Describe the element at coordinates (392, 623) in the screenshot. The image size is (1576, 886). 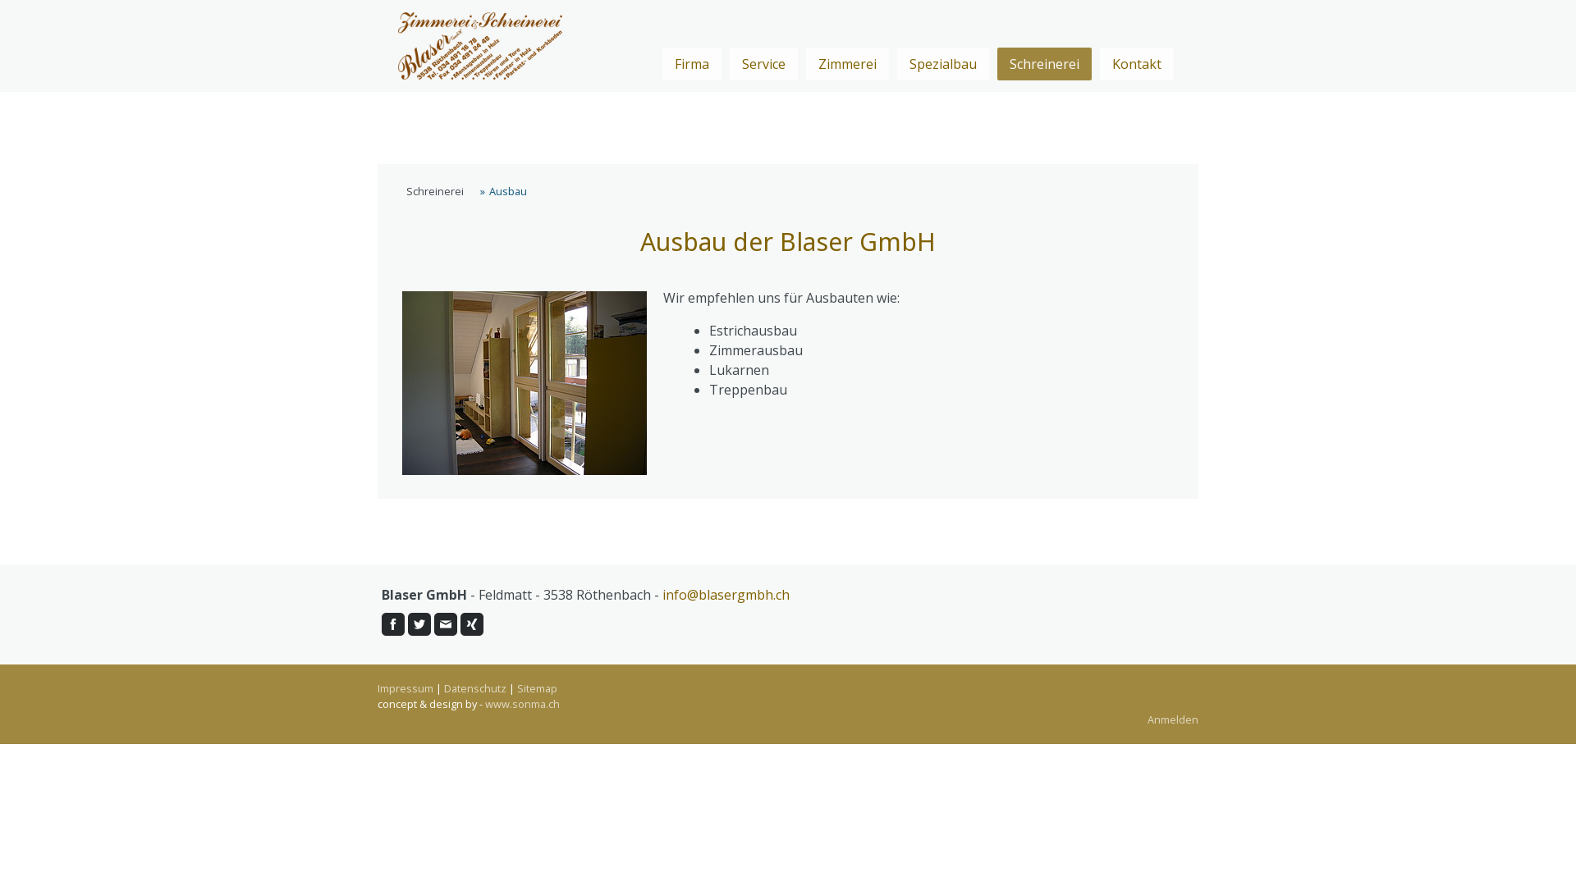
I see `'Facebook'` at that location.